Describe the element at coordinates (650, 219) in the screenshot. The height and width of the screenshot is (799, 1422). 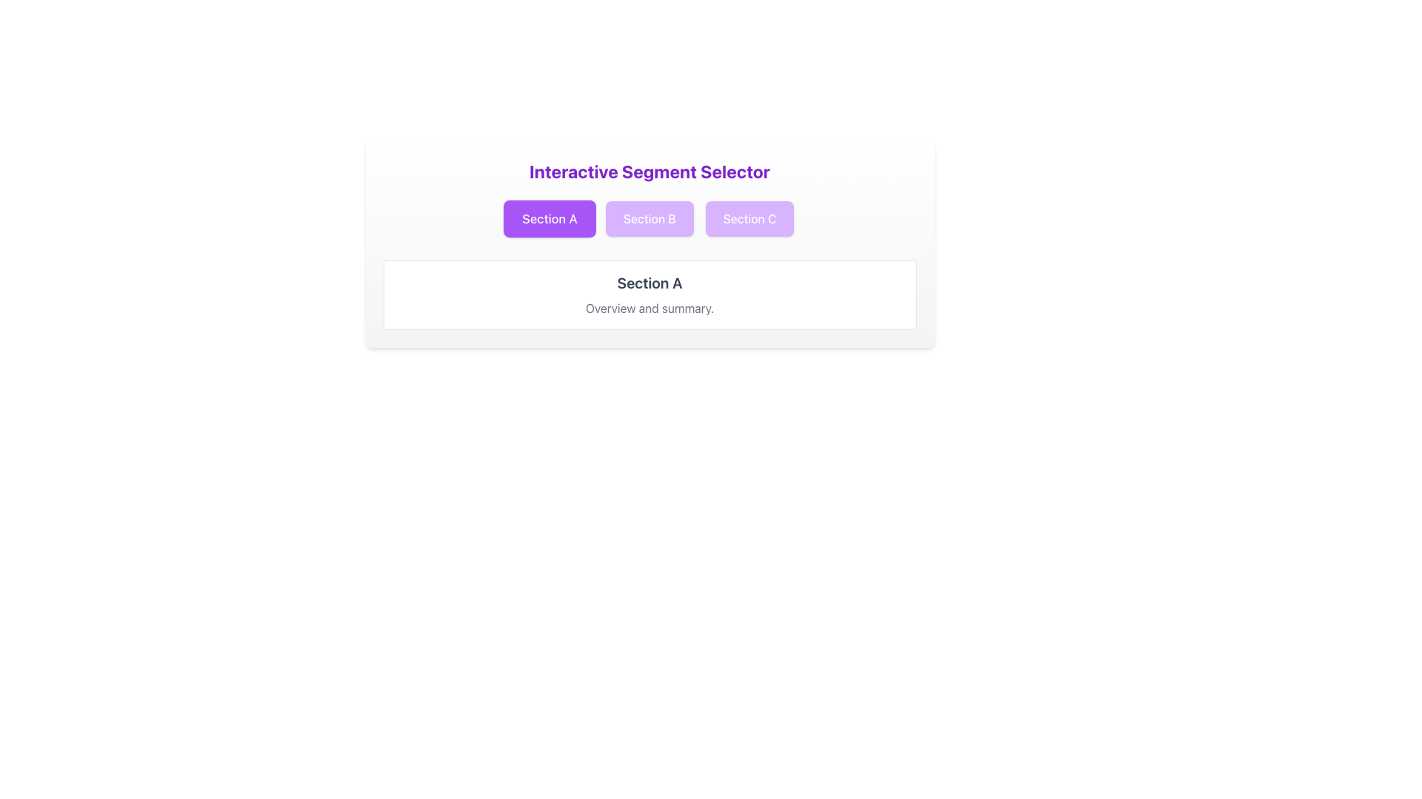
I see `'Section B' of the segmented control` at that location.